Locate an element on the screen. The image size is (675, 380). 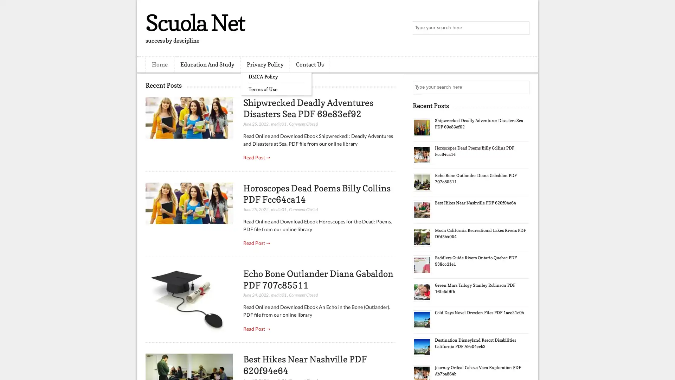
Search is located at coordinates (522, 28).